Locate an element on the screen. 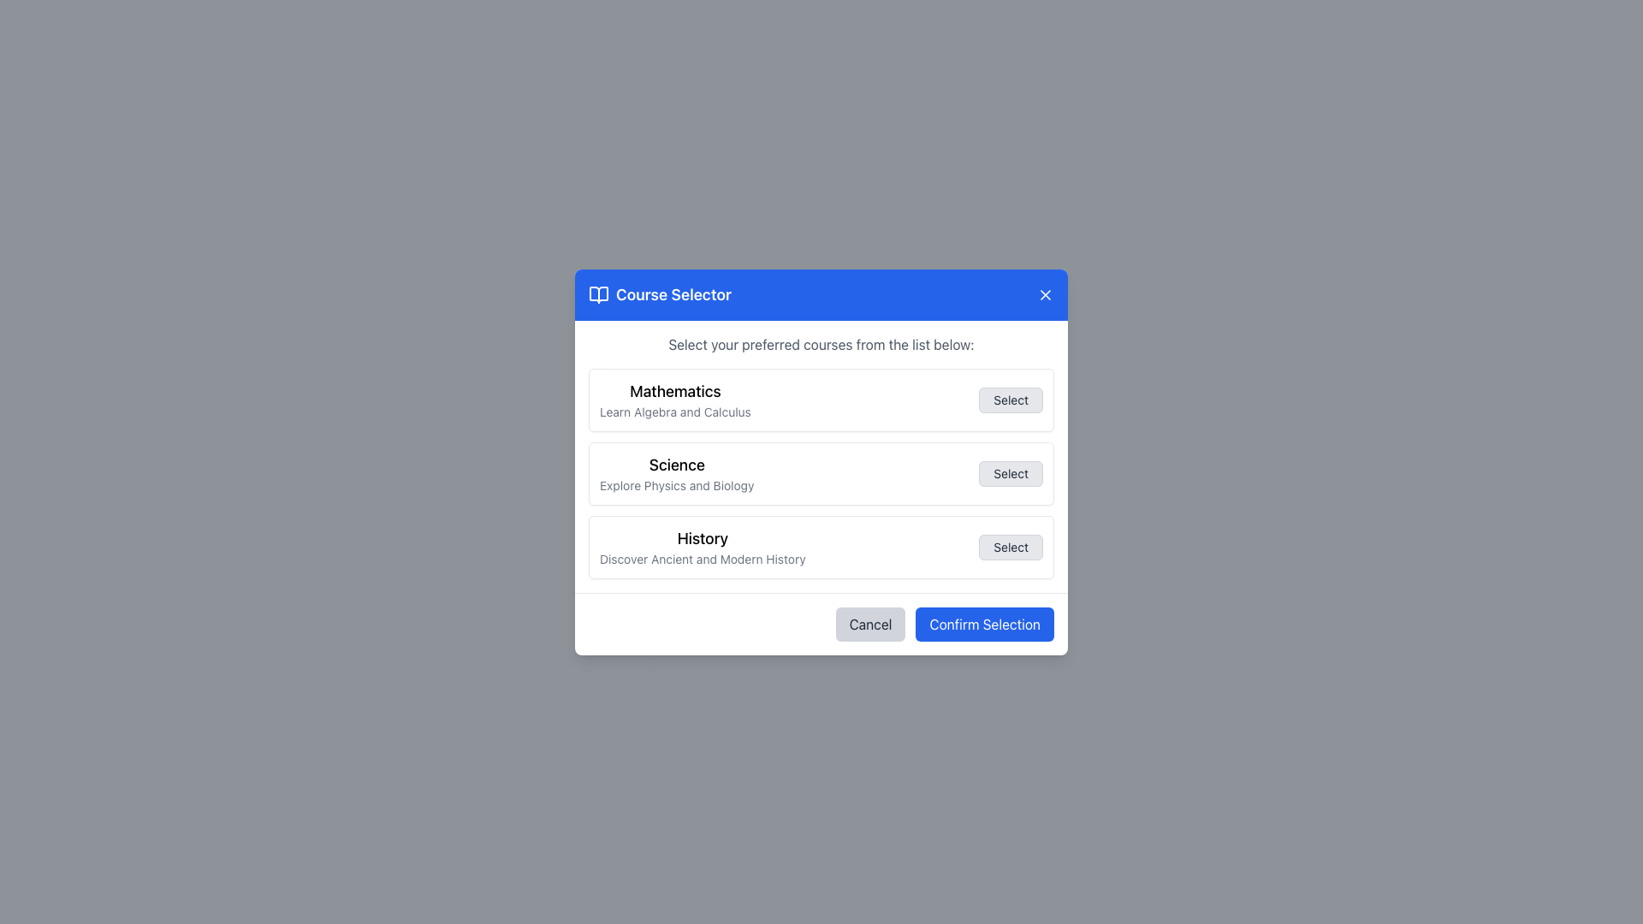 The image size is (1643, 924). the List Item with a Button representing the course category 'Science' is located at coordinates (821, 473).